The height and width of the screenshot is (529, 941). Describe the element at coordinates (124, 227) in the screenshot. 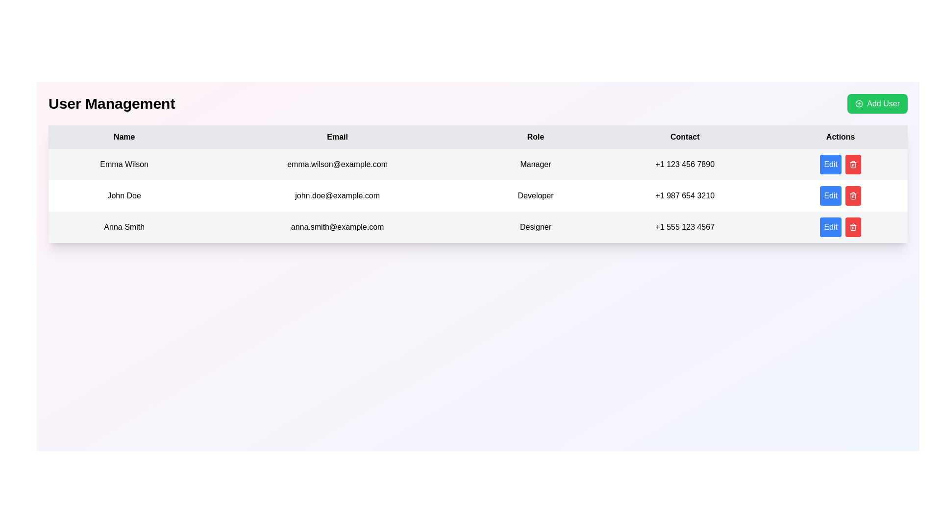

I see `the text display element showing the user name 'Anna Smith', located under the 'Name' column as the third entry in the user records table` at that location.